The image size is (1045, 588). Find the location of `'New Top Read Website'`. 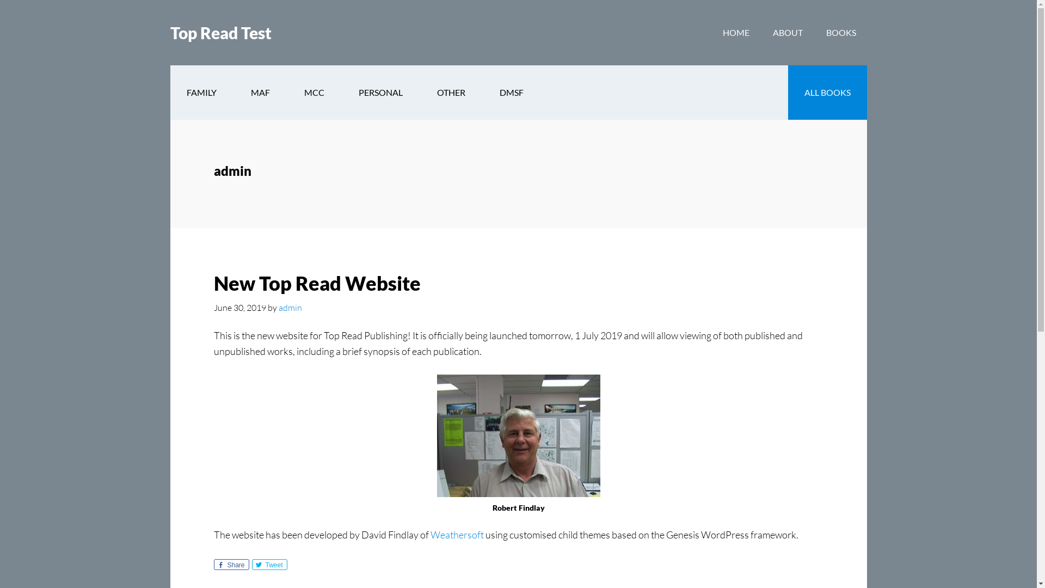

'New Top Read Website' is located at coordinates (316, 283).